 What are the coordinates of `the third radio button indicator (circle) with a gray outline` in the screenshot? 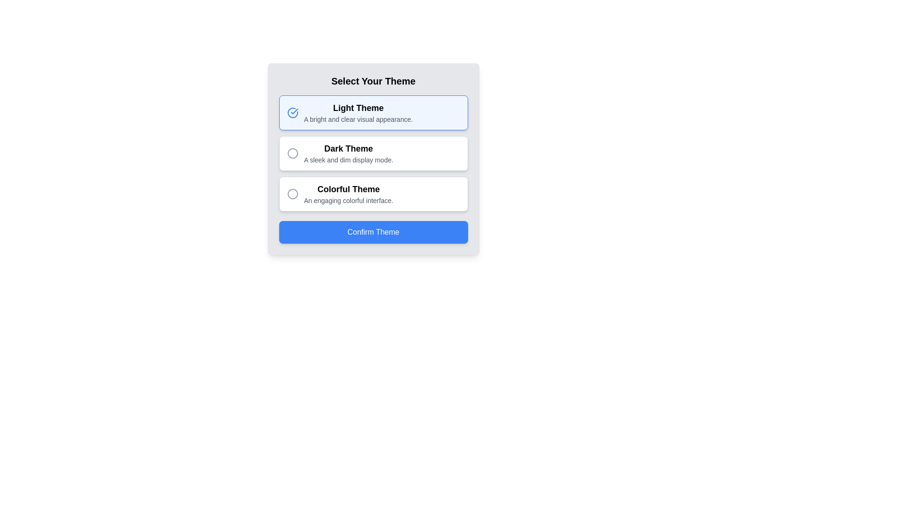 It's located at (292, 194).